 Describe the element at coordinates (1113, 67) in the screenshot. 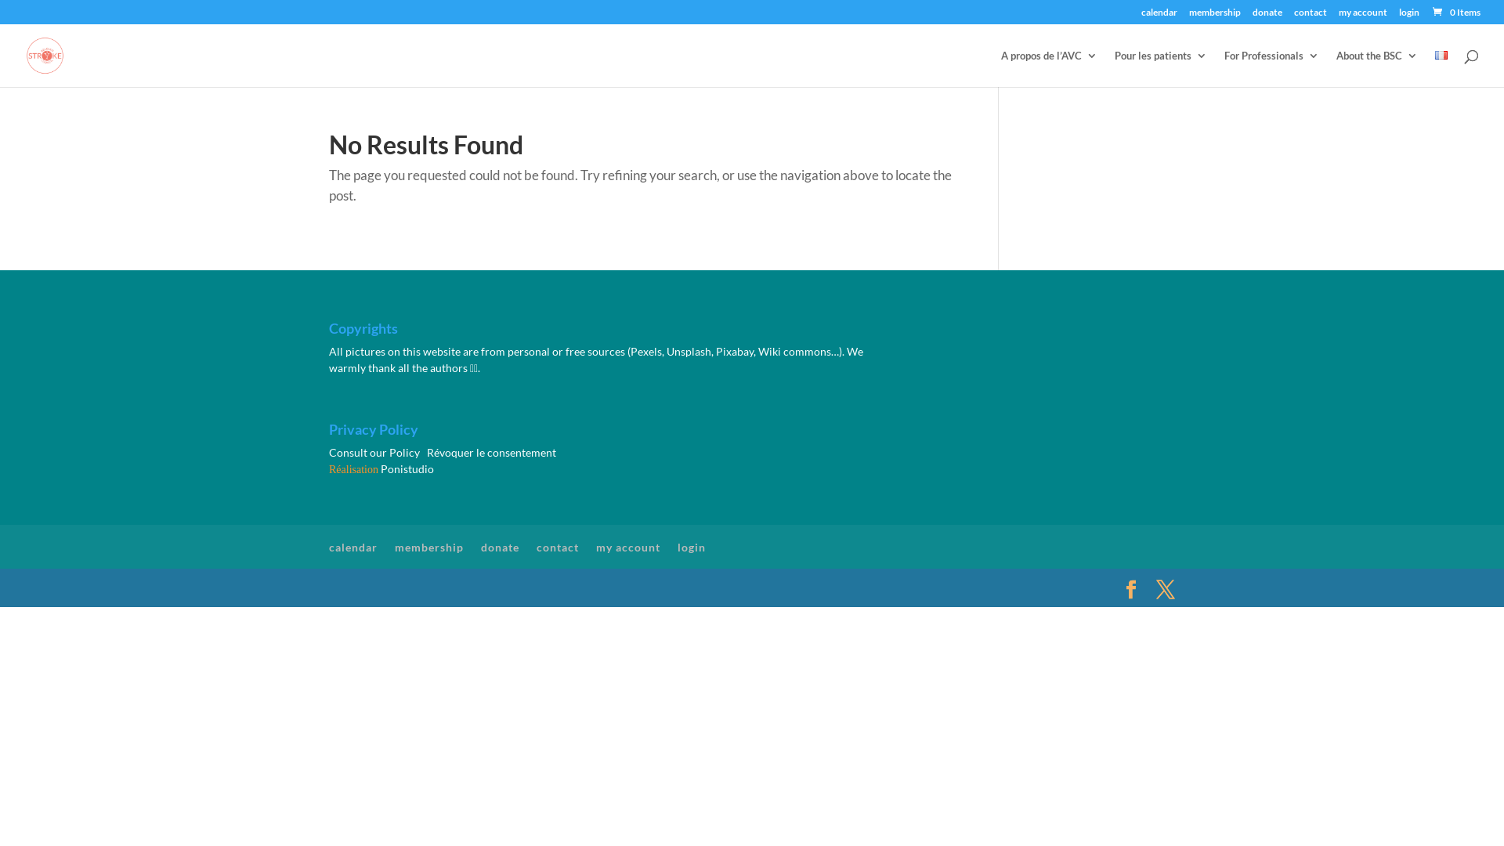

I see `'Pour les patients'` at that location.